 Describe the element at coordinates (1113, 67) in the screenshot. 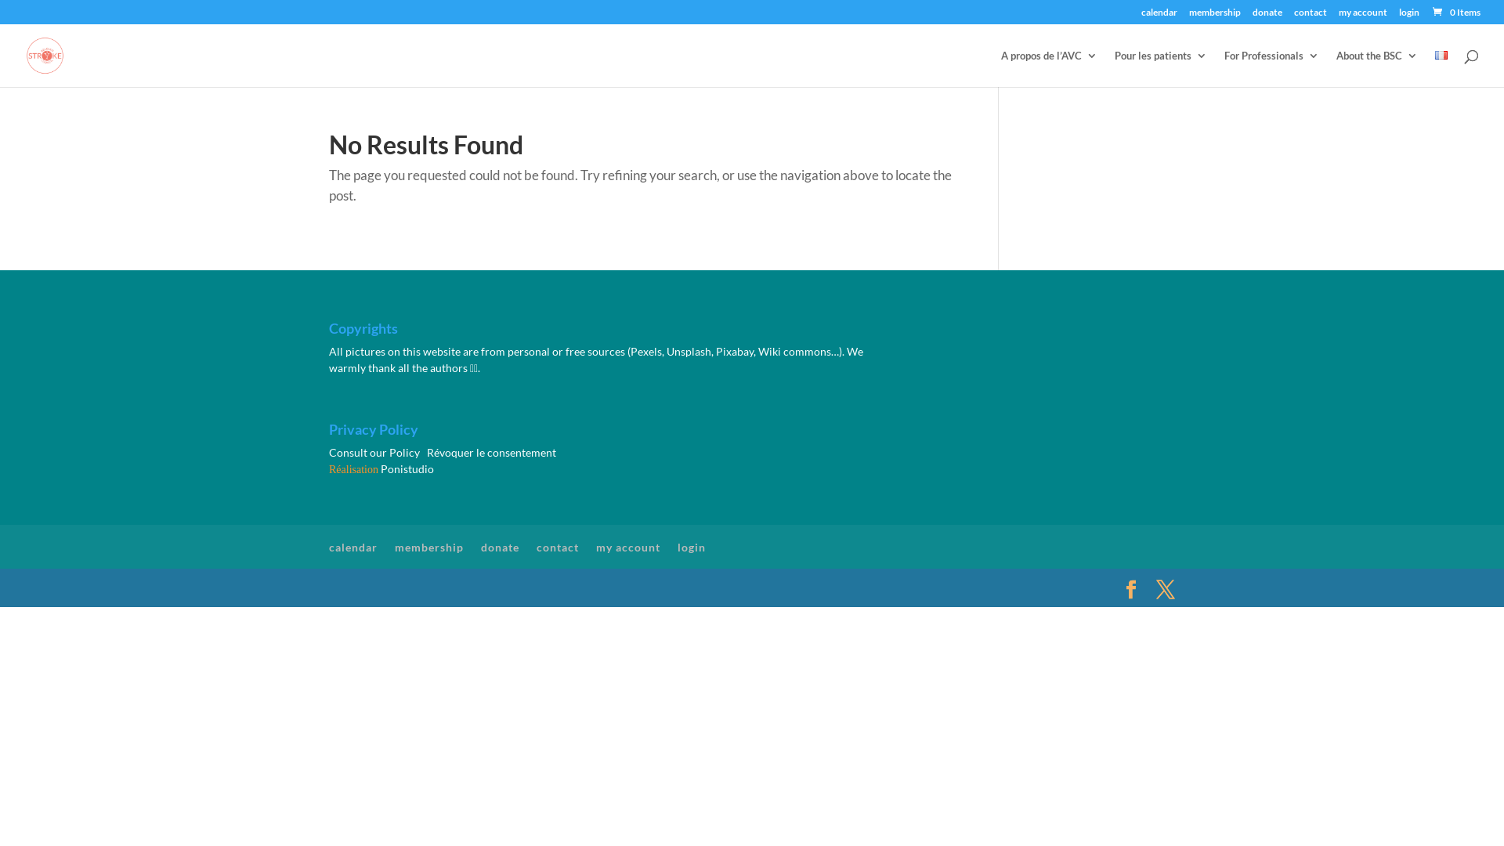

I see `'Pour les patients'` at that location.